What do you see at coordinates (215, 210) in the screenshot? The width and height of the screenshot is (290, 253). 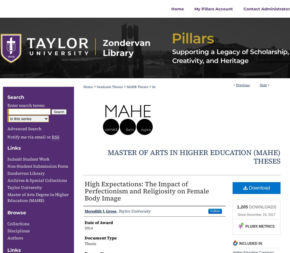 I see `'Follow'` at bounding box center [215, 210].